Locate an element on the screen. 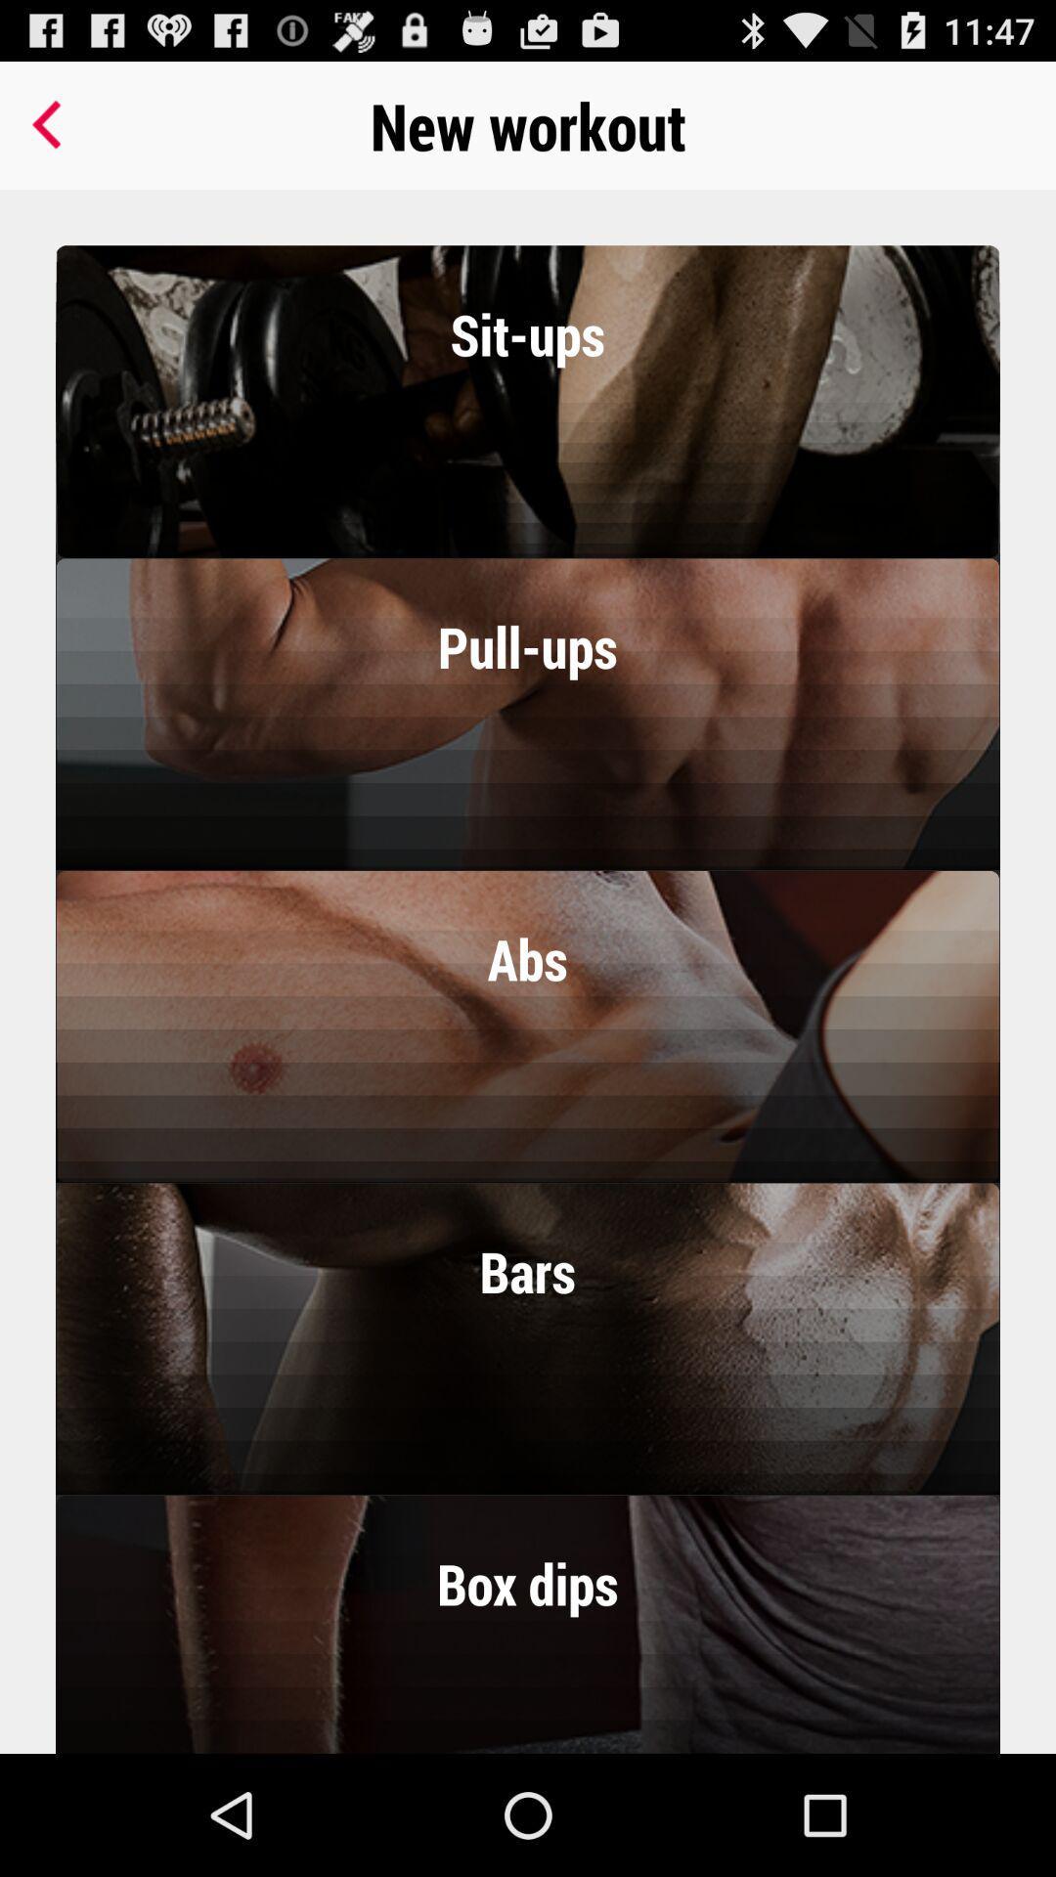  the item at the top left corner is located at coordinates (50, 124).